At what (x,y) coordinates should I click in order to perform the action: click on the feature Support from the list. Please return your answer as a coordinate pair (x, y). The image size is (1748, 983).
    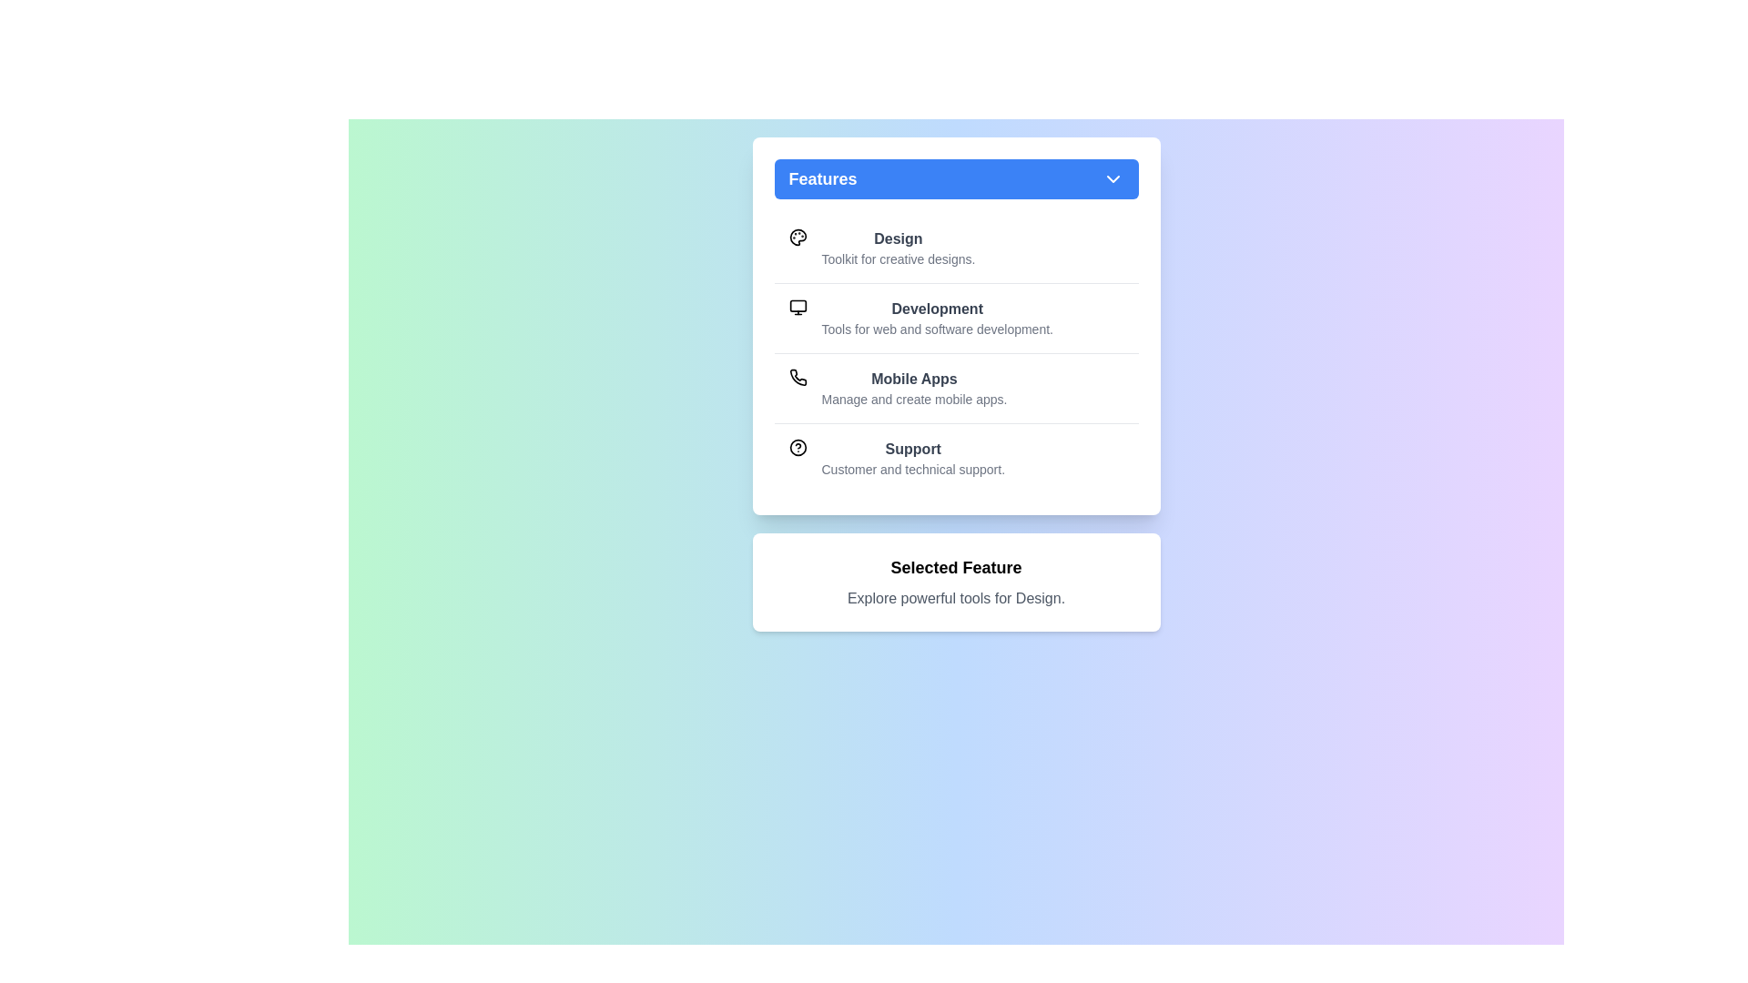
    Looking at the image, I should click on (955, 457).